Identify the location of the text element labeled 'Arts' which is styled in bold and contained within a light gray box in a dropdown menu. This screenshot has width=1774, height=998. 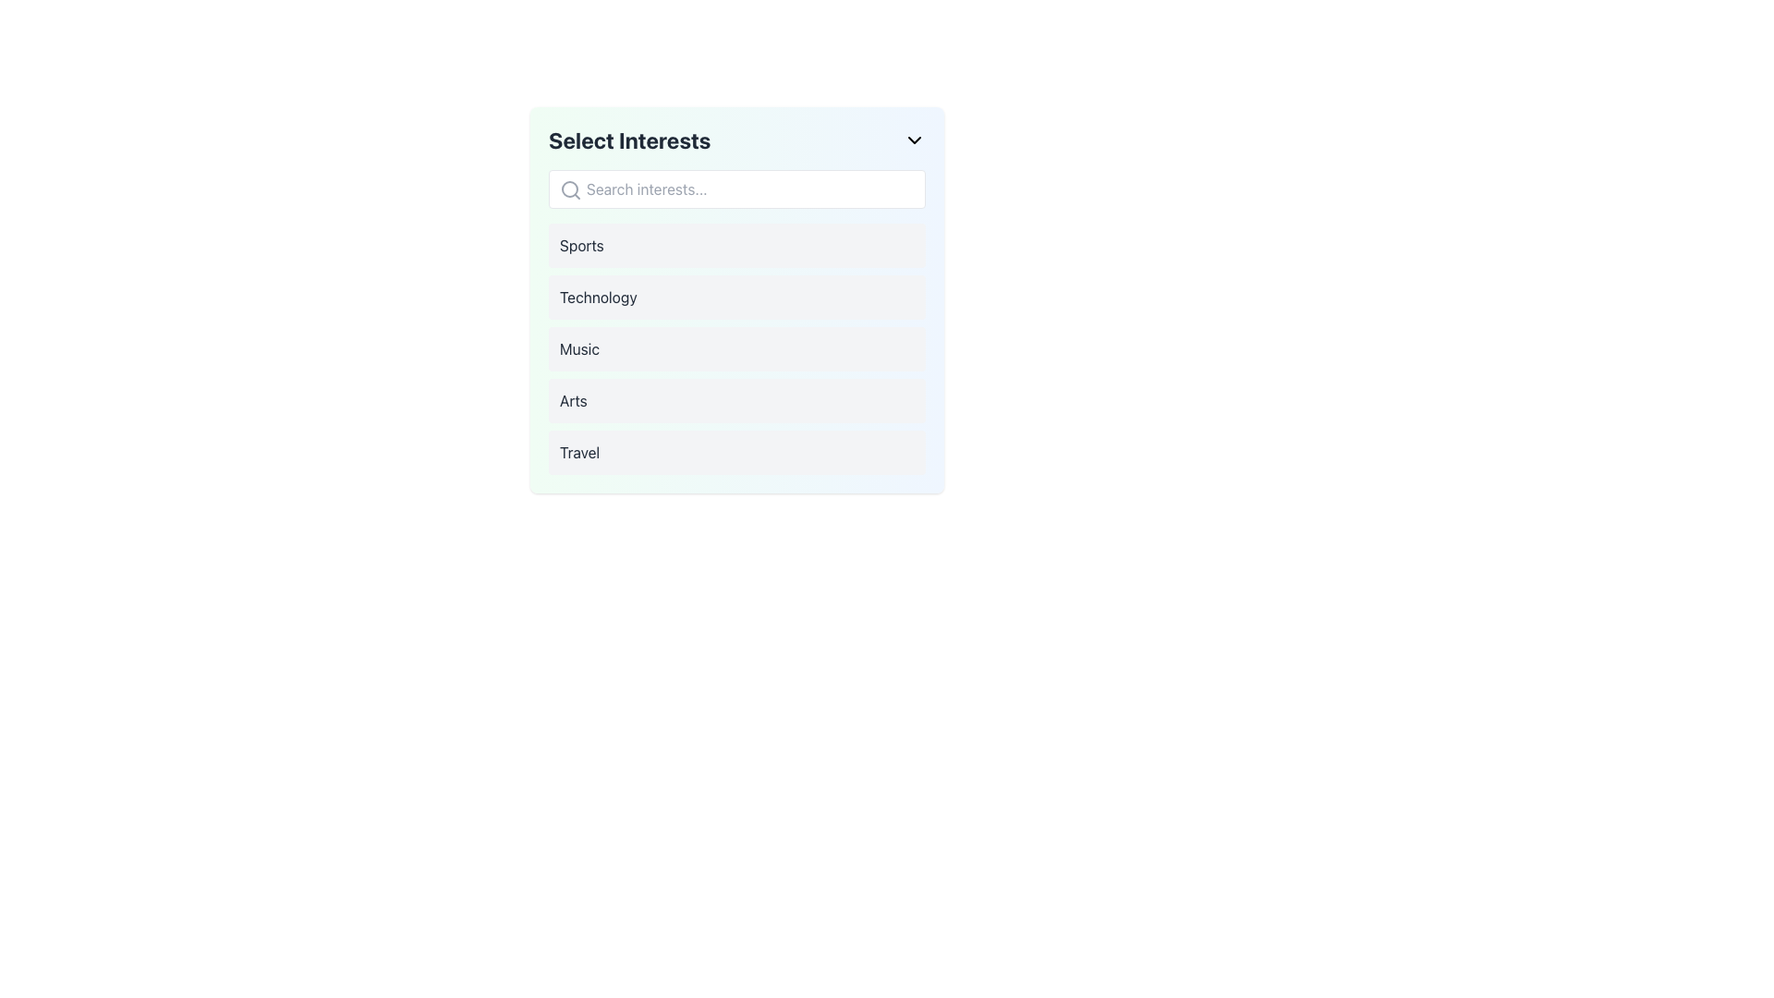
(572, 400).